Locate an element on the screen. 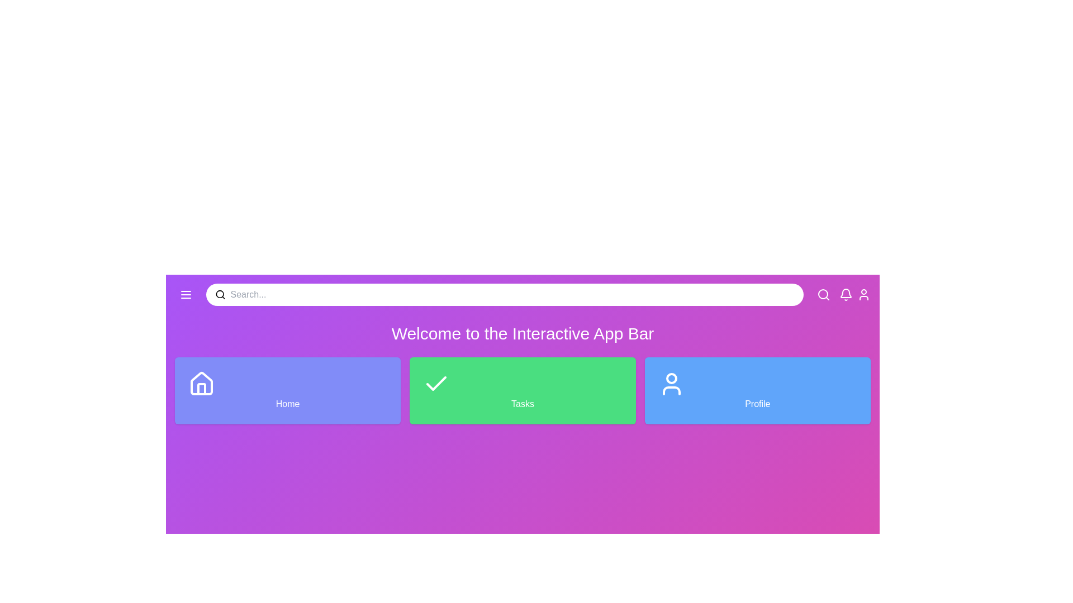 The width and height of the screenshot is (1073, 603). the navigation button menu is located at coordinates (186, 294).